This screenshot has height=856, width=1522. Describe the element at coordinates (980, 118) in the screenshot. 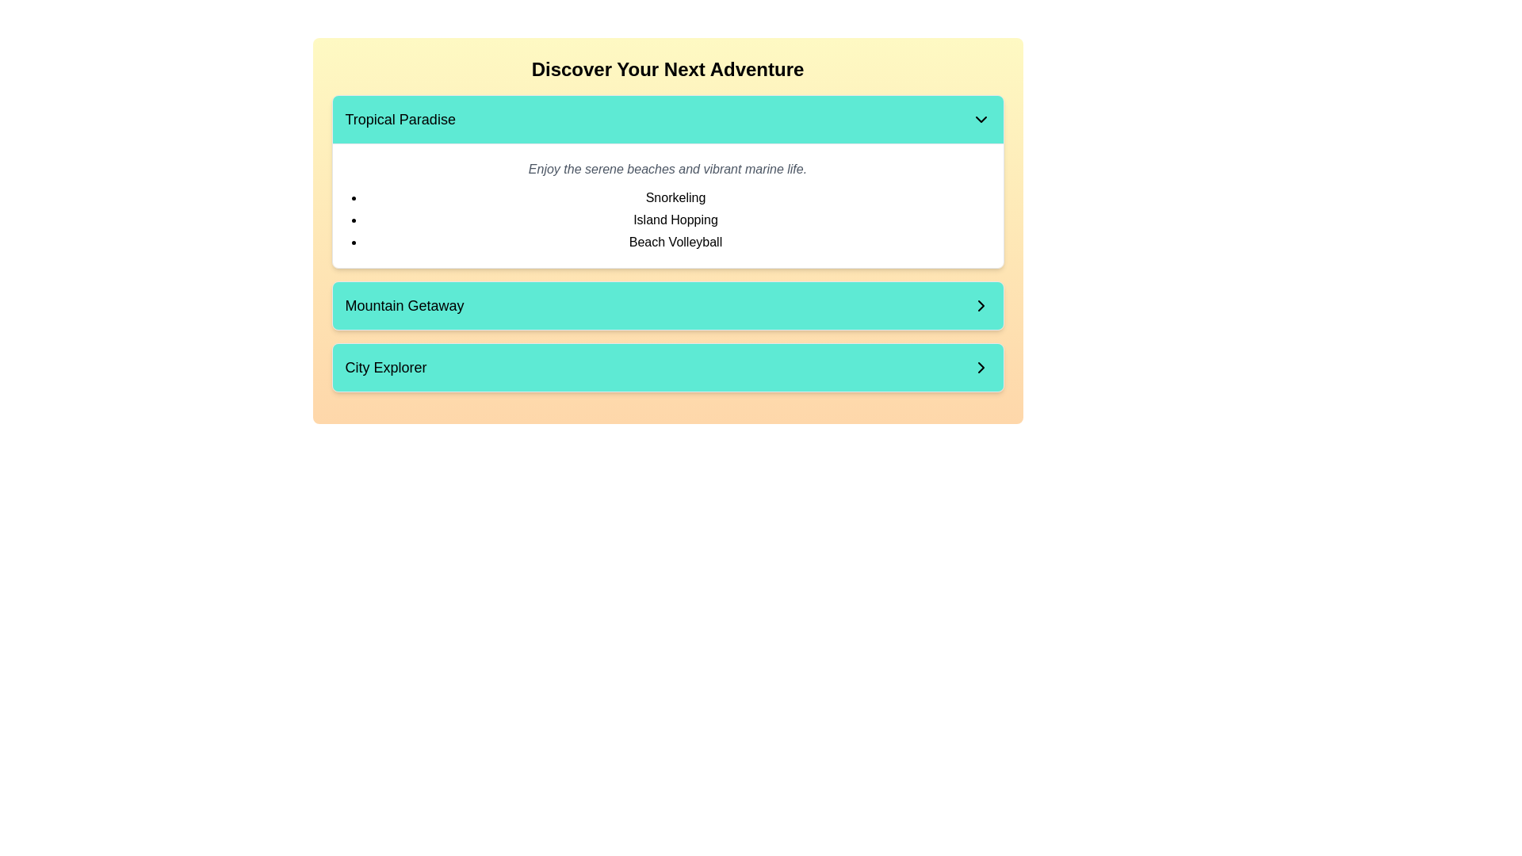

I see `the Chevron-Down icon located at the far-right end of the 'Tropical Paradise' section header` at that location.